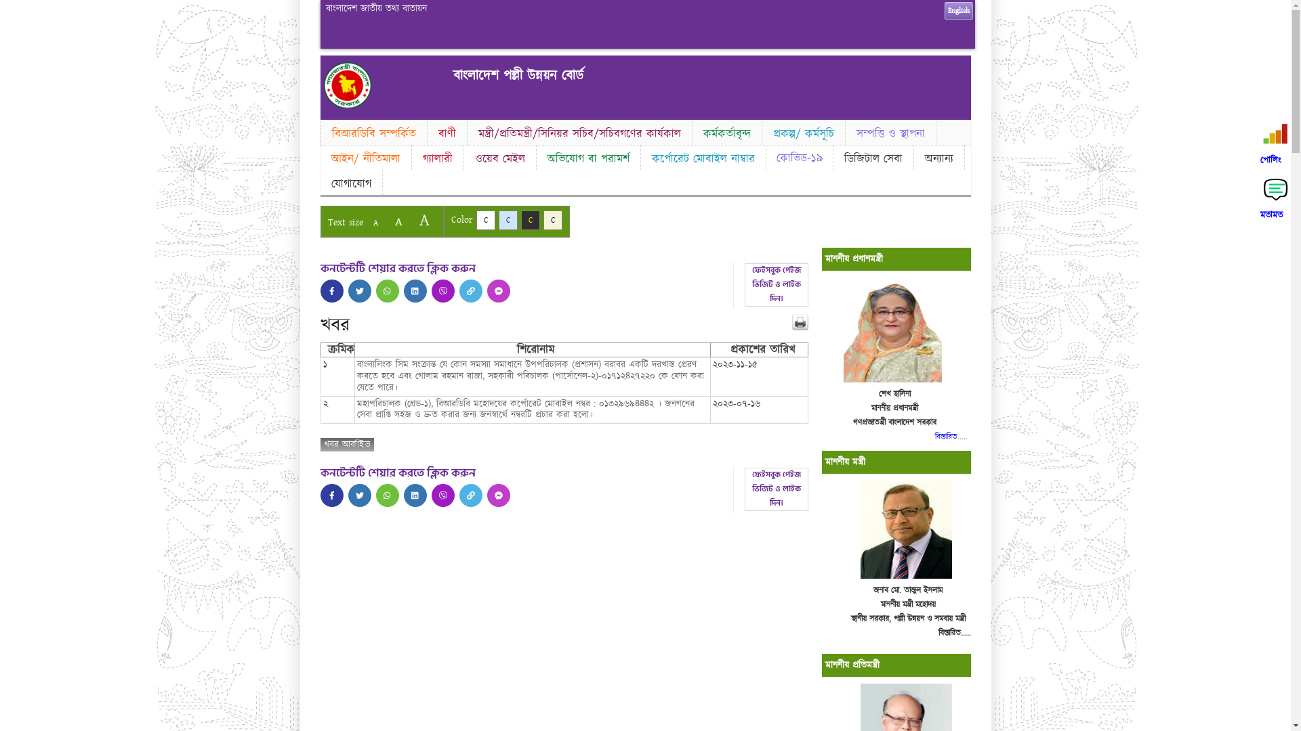 The height and width of the screenshot is (731, 1301). Describe the element at coordinates (484, 219) in the screenshot. I see `'C'` at that location.